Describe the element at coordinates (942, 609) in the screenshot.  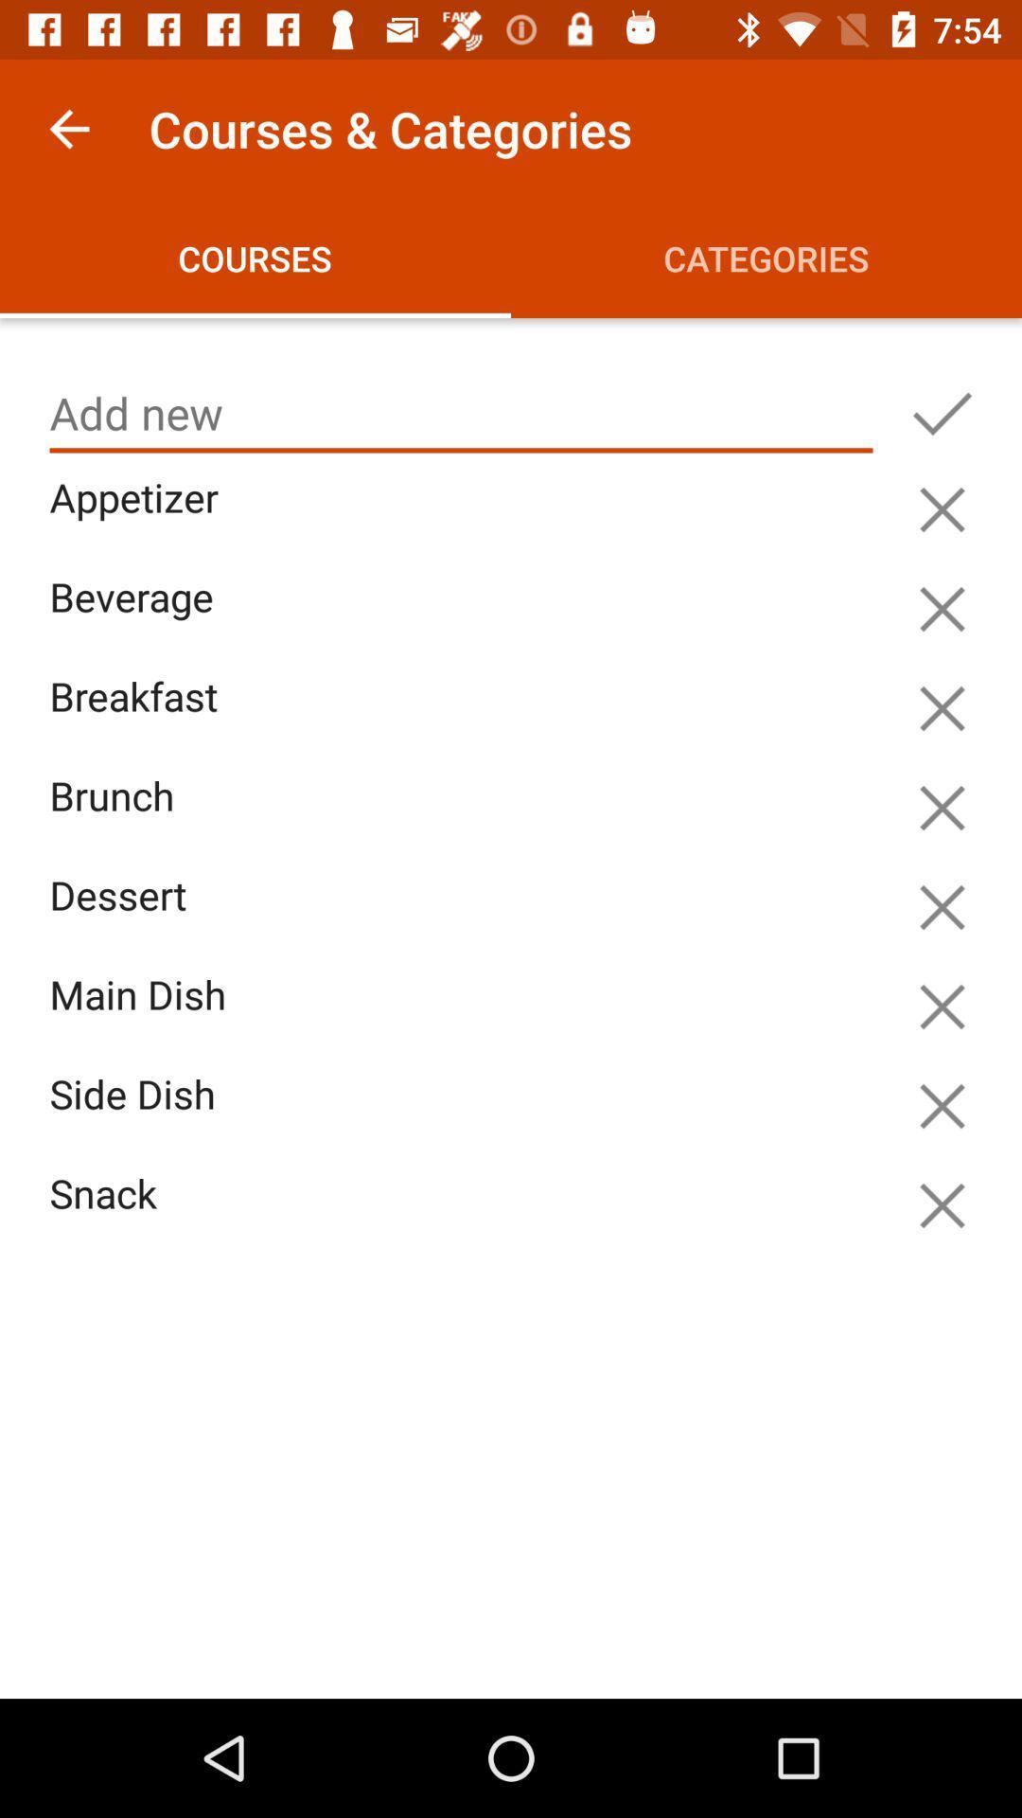
I see `cancel` at that location.